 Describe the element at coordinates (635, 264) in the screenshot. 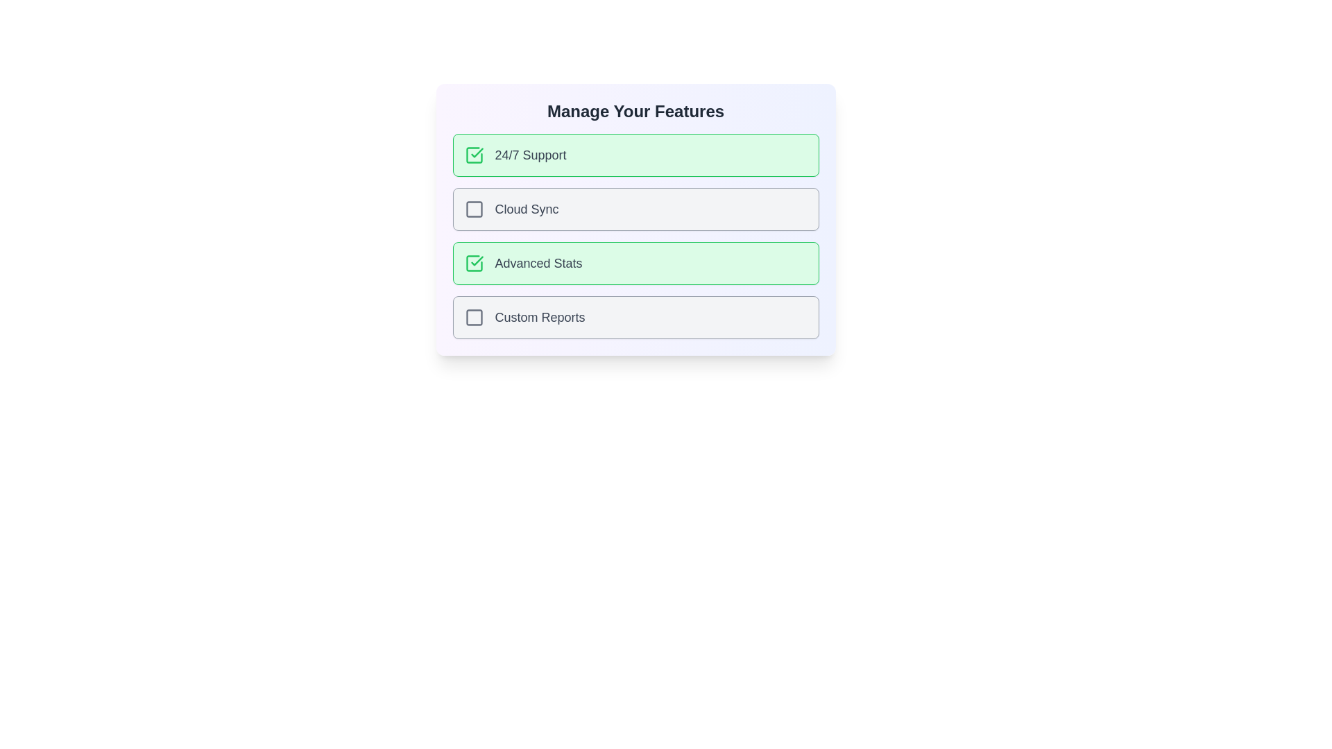

I see `the 'Advanced Stats' selectable option with a checkbox, which has a soft green background and is the third option` at that location.